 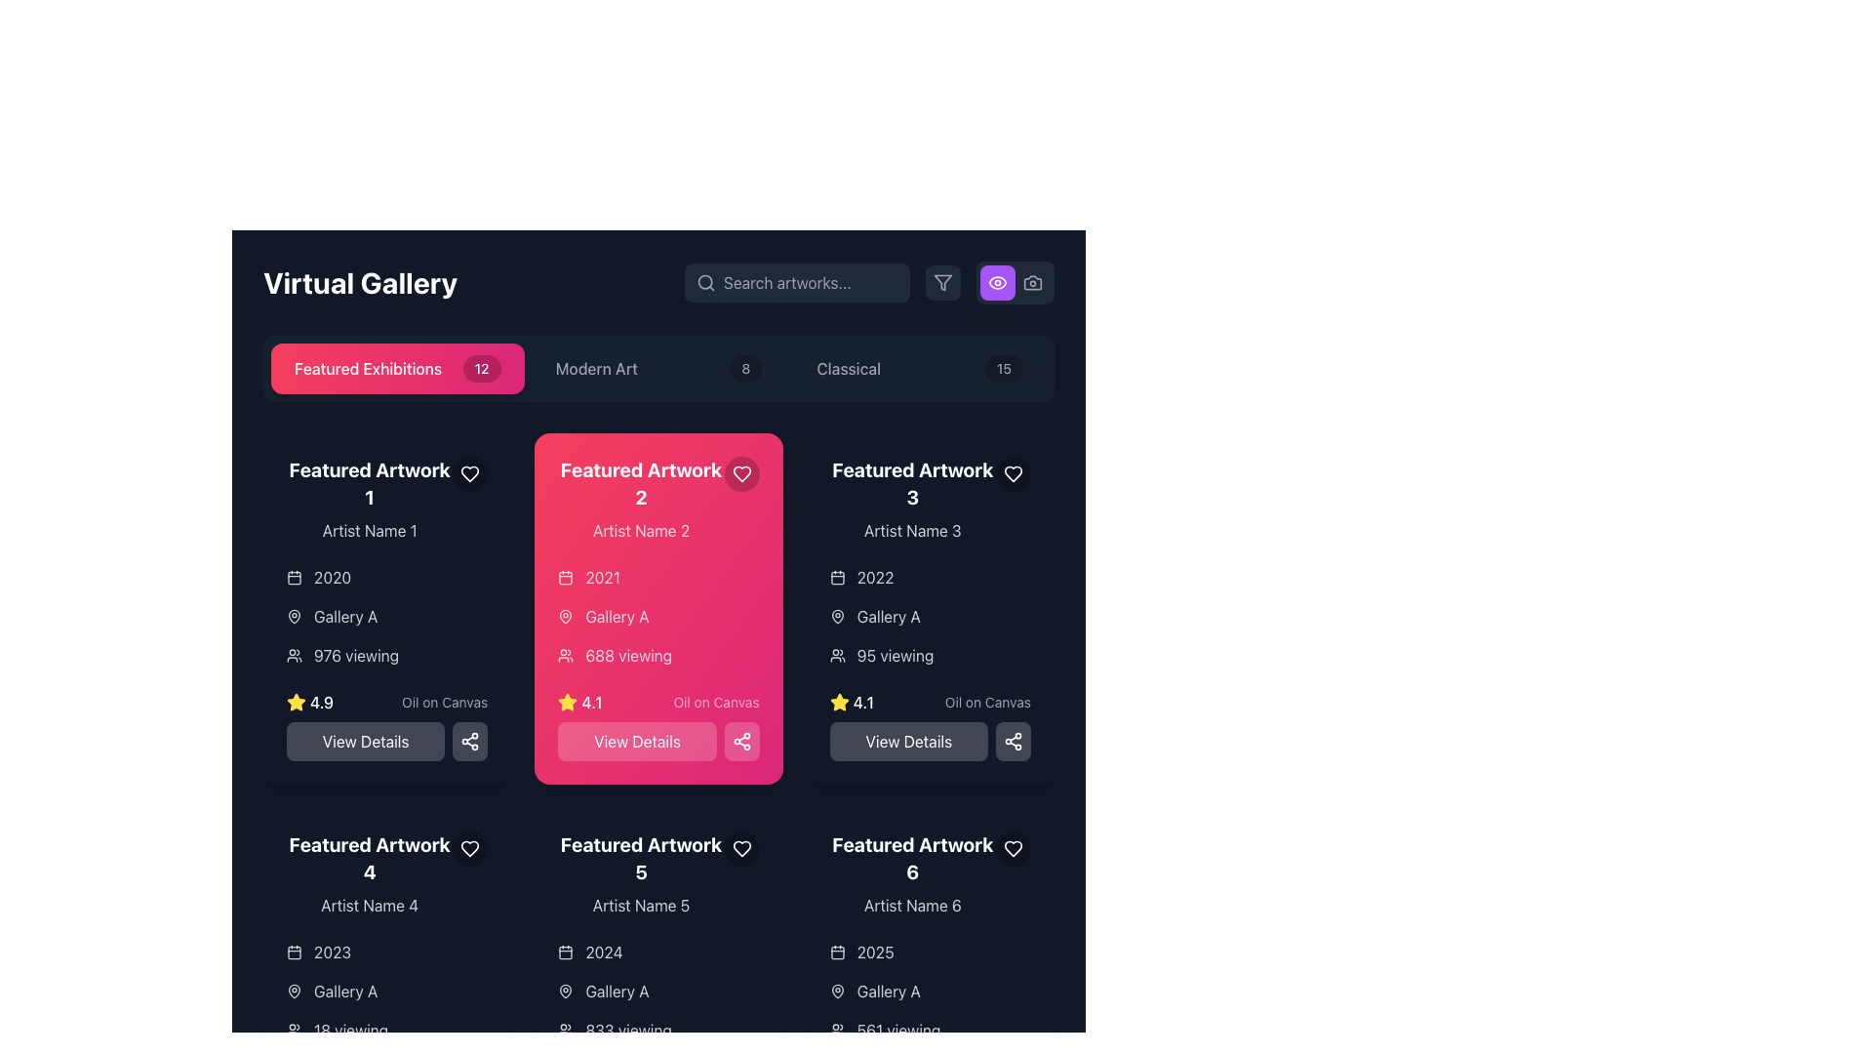 I want to click on the '833 viewing' text with the user icon on its left, so click(x=658, y=1030).